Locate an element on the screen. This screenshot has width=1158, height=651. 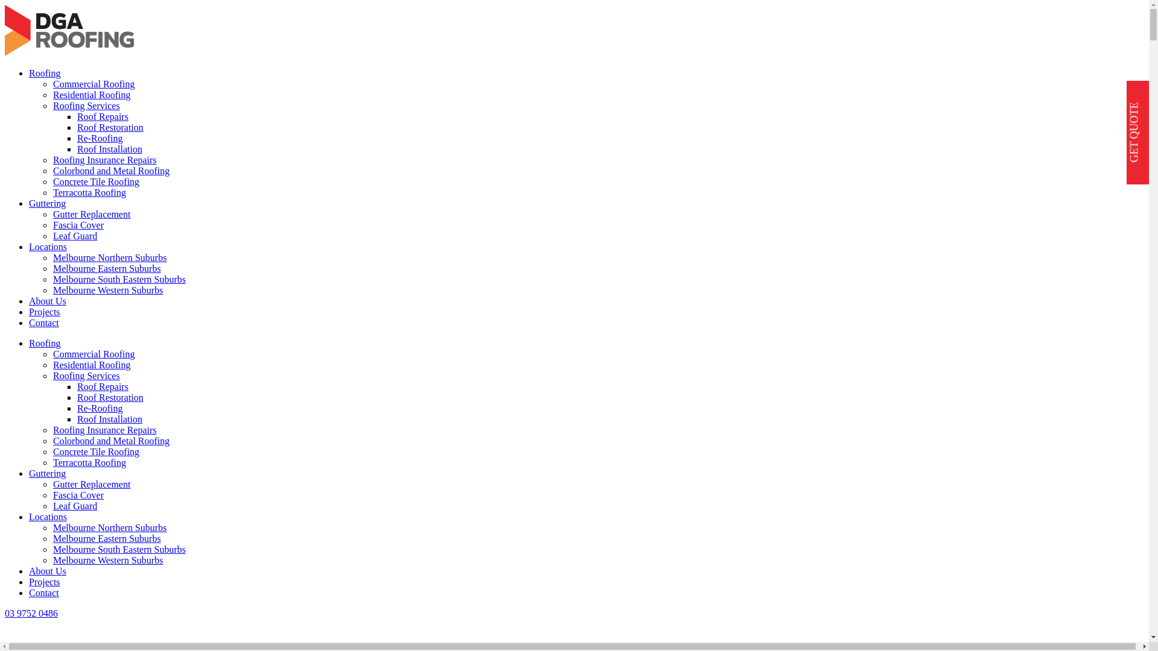
'Colorbond and Metal Roofing' is located at coordinates (111, 441).